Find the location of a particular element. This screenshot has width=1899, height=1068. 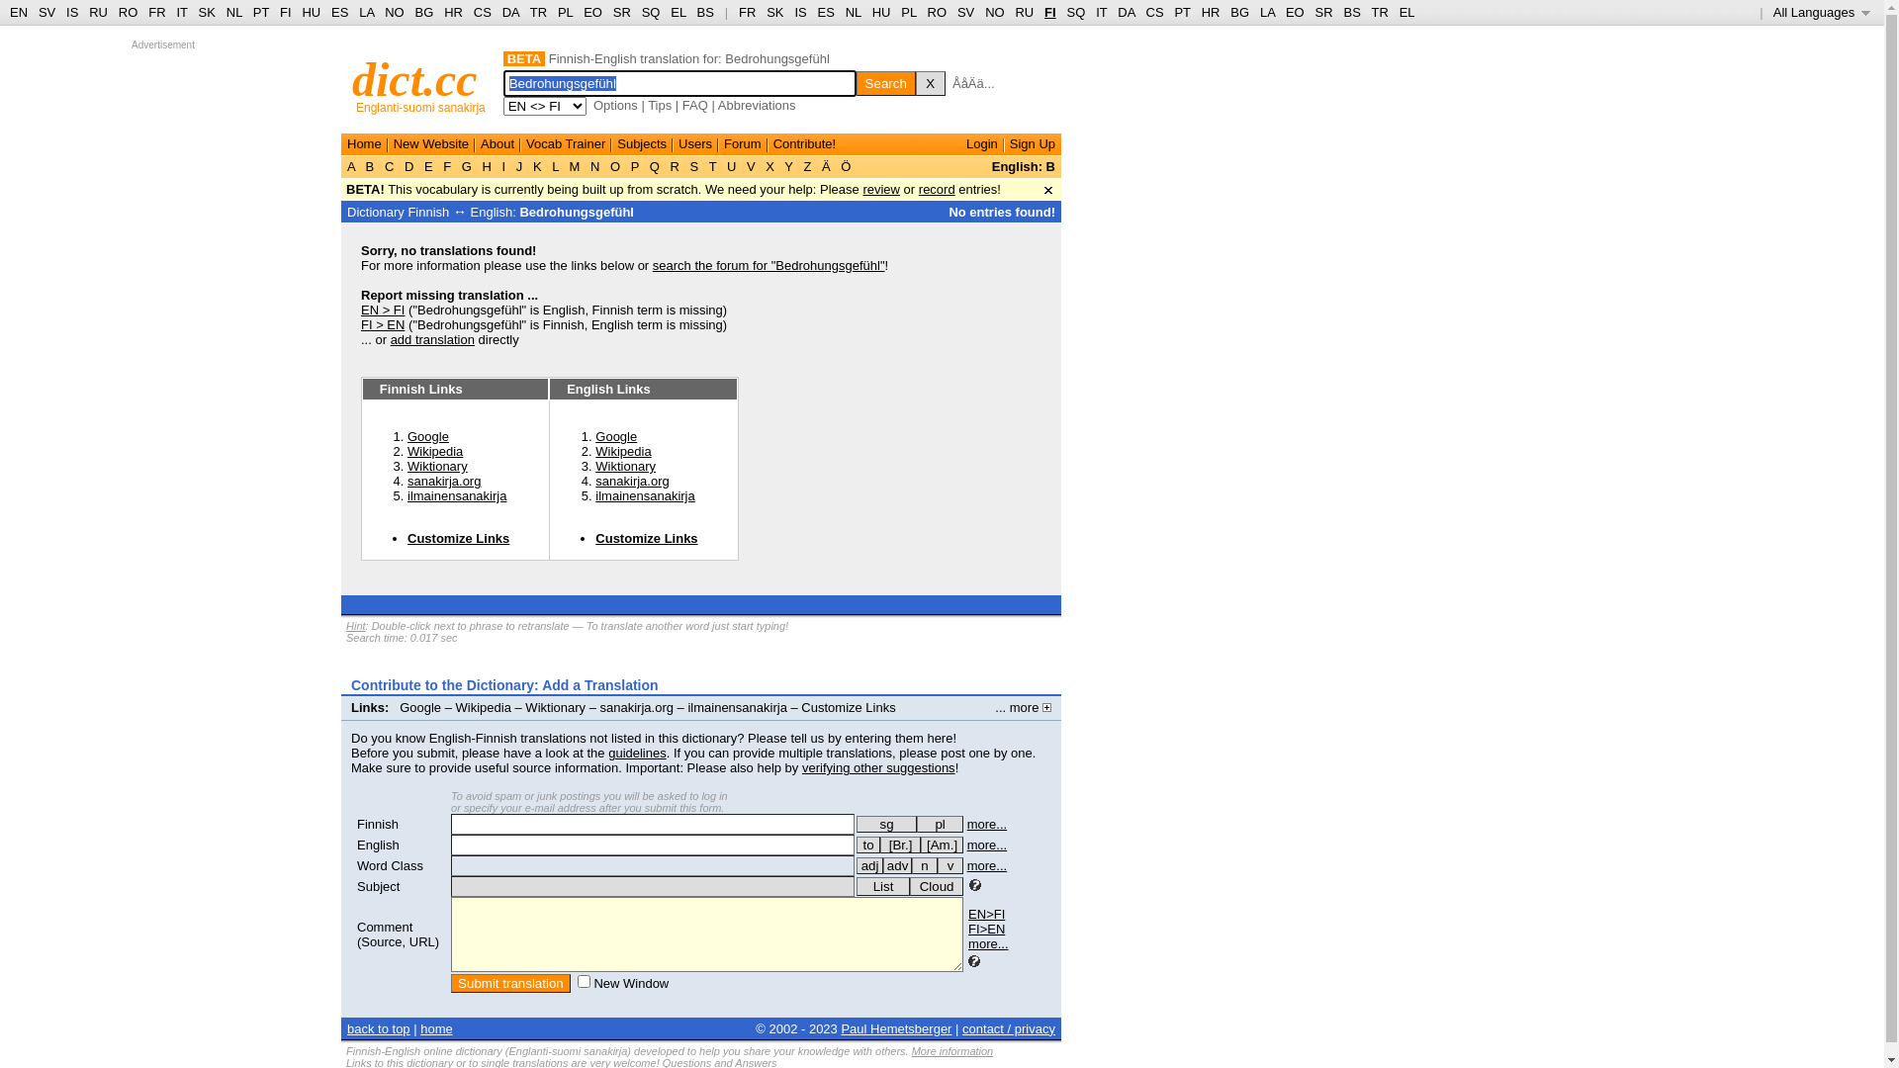

'Wikipedia' is located at coordinates (434, 451).